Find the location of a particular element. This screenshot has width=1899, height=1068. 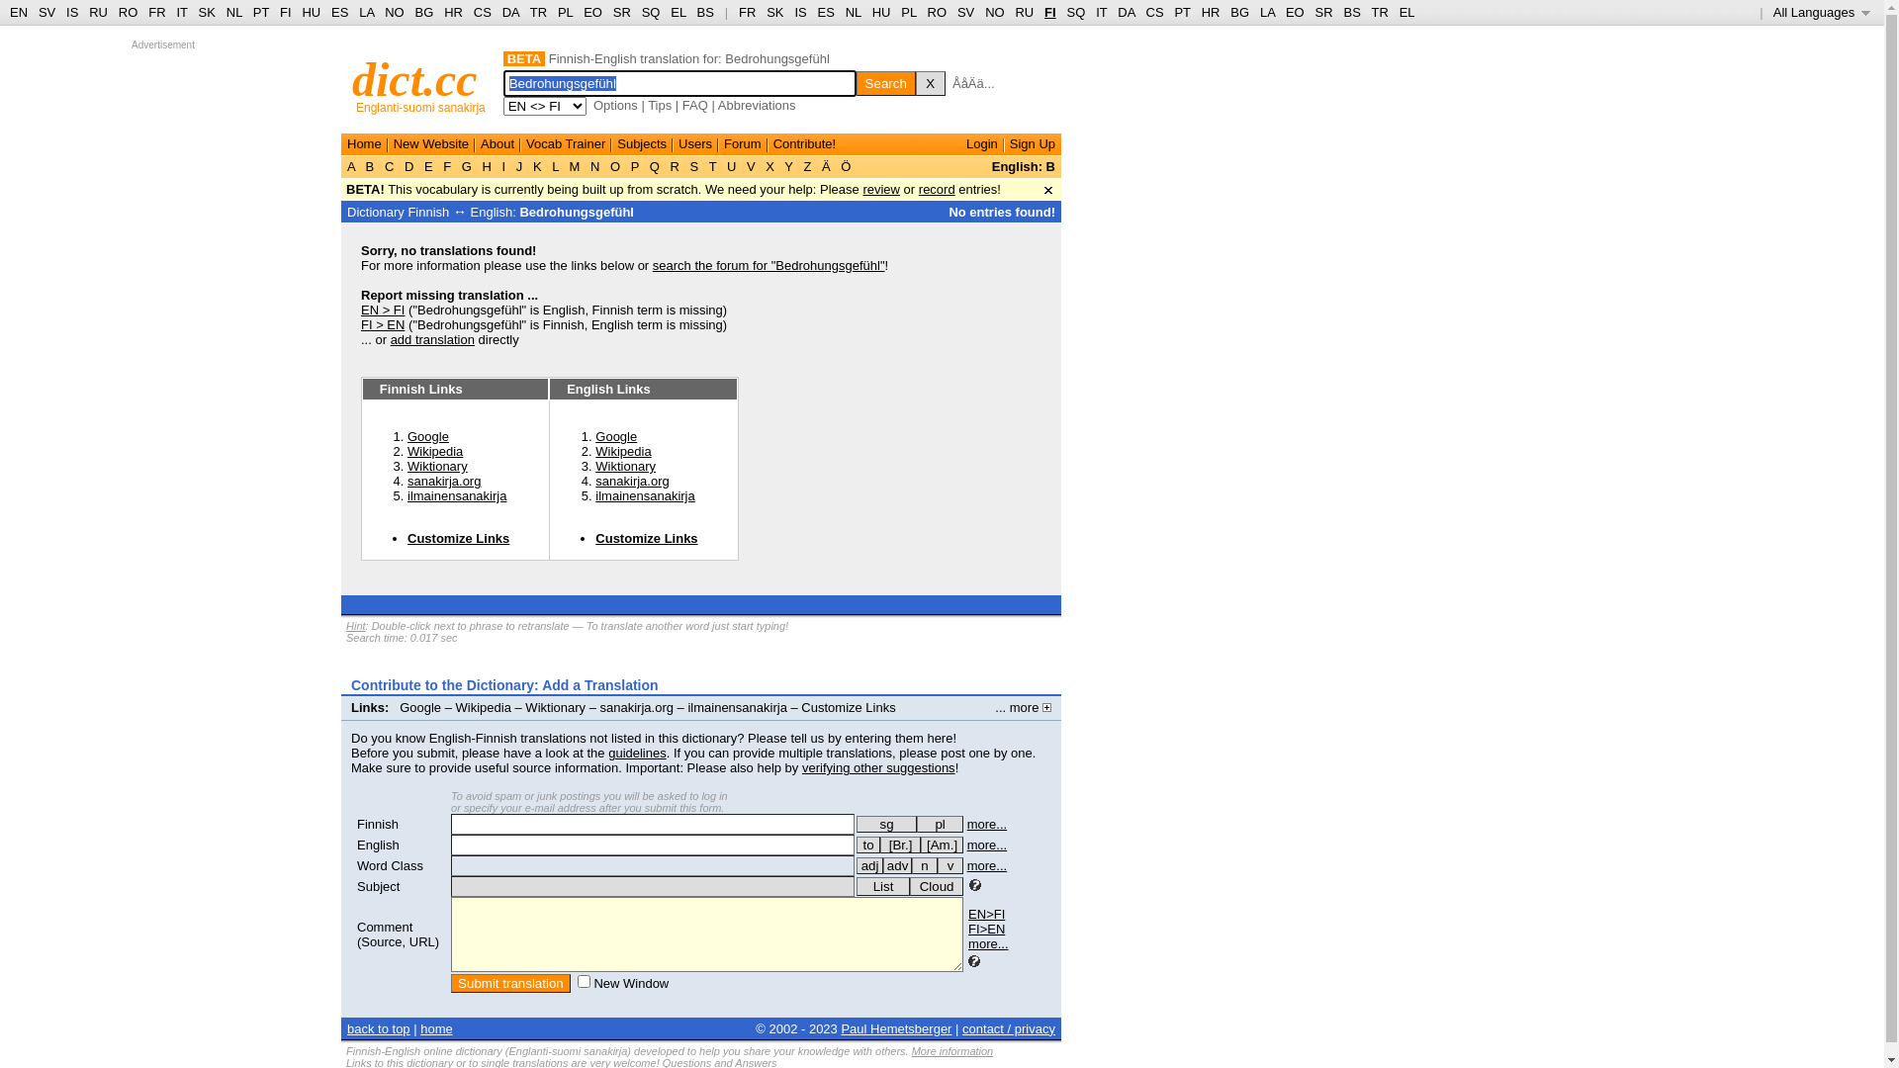

'Wikipedia' is located at coordinates (434, 451).